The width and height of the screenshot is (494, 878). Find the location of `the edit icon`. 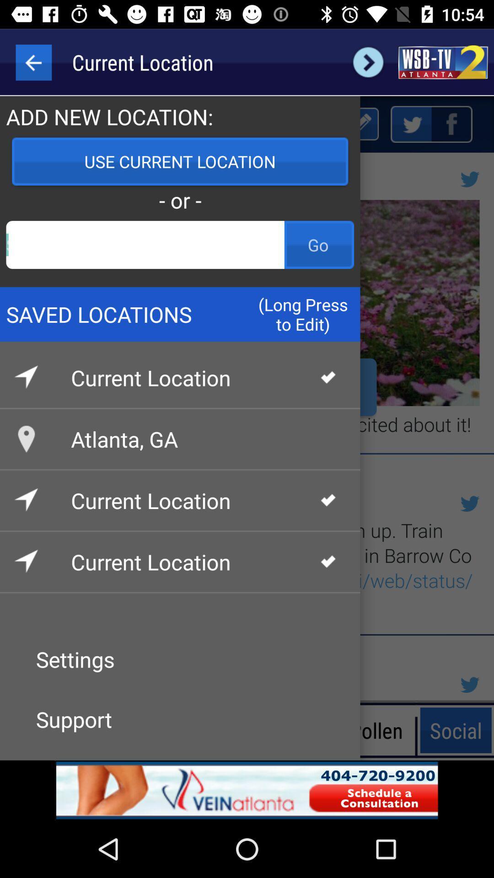

the edit icon is located at coordinates (360, 123).